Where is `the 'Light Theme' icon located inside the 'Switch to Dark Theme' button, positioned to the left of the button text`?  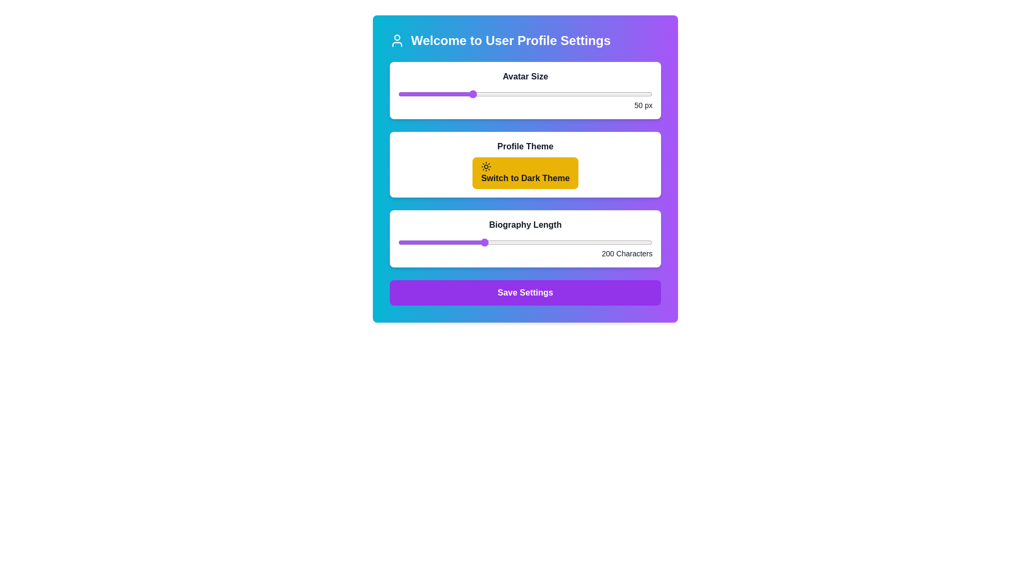 the 'Light Theme' icon located inside the 'Switch to Dark Theme' button, positioned to the left of the button text is located at coordinates (486, 167).